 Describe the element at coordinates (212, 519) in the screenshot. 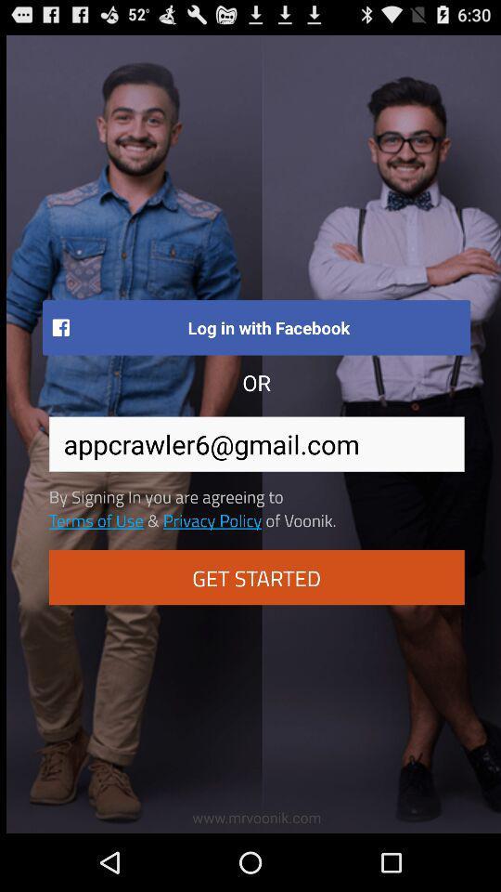

I see `item above get started item` at that location.